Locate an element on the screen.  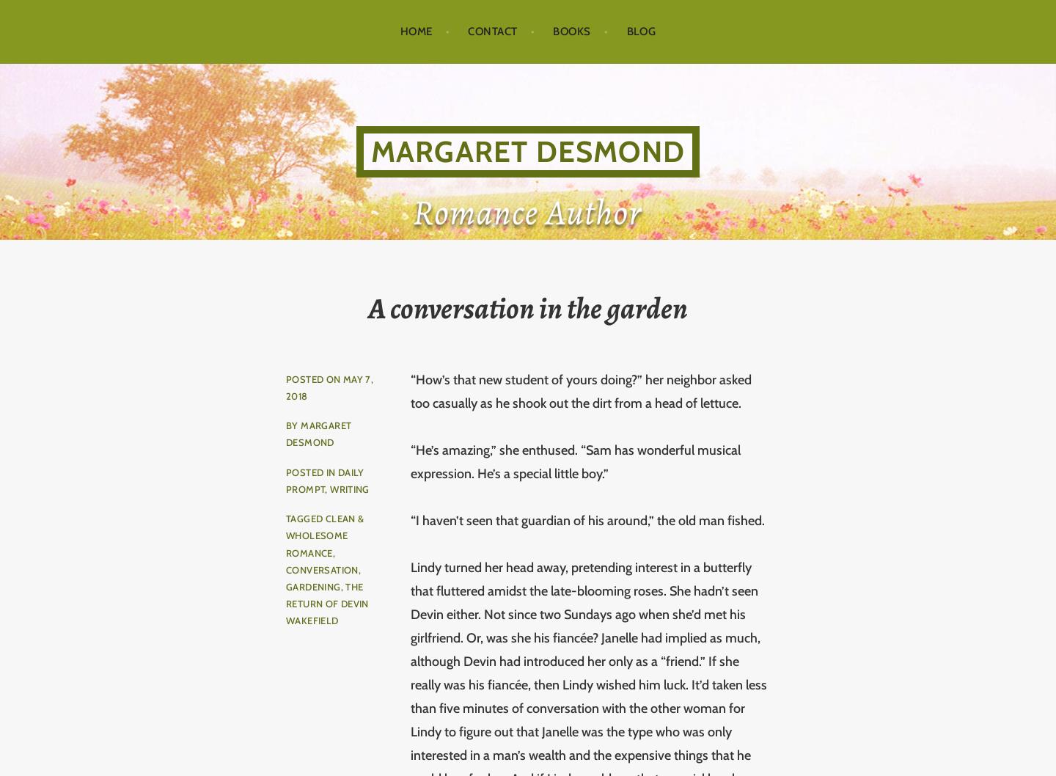
'Writing' is located at coordinates (349, 488).